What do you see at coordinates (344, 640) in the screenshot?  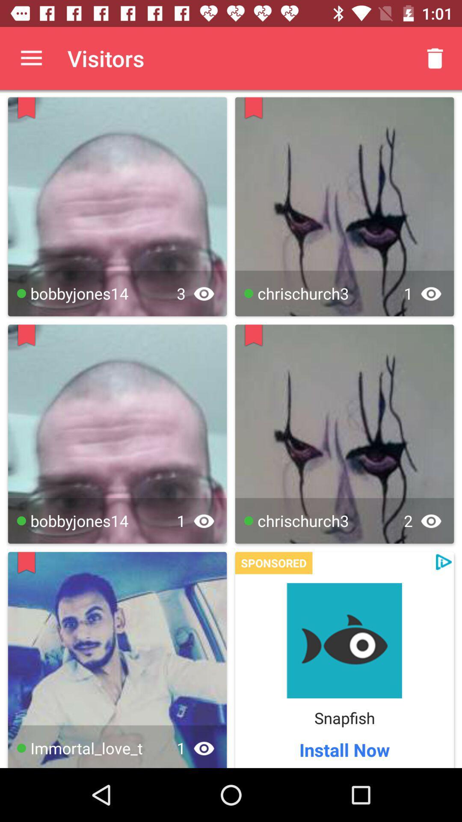 I see `the app page for snapfish` at bounding box center [344, 640].